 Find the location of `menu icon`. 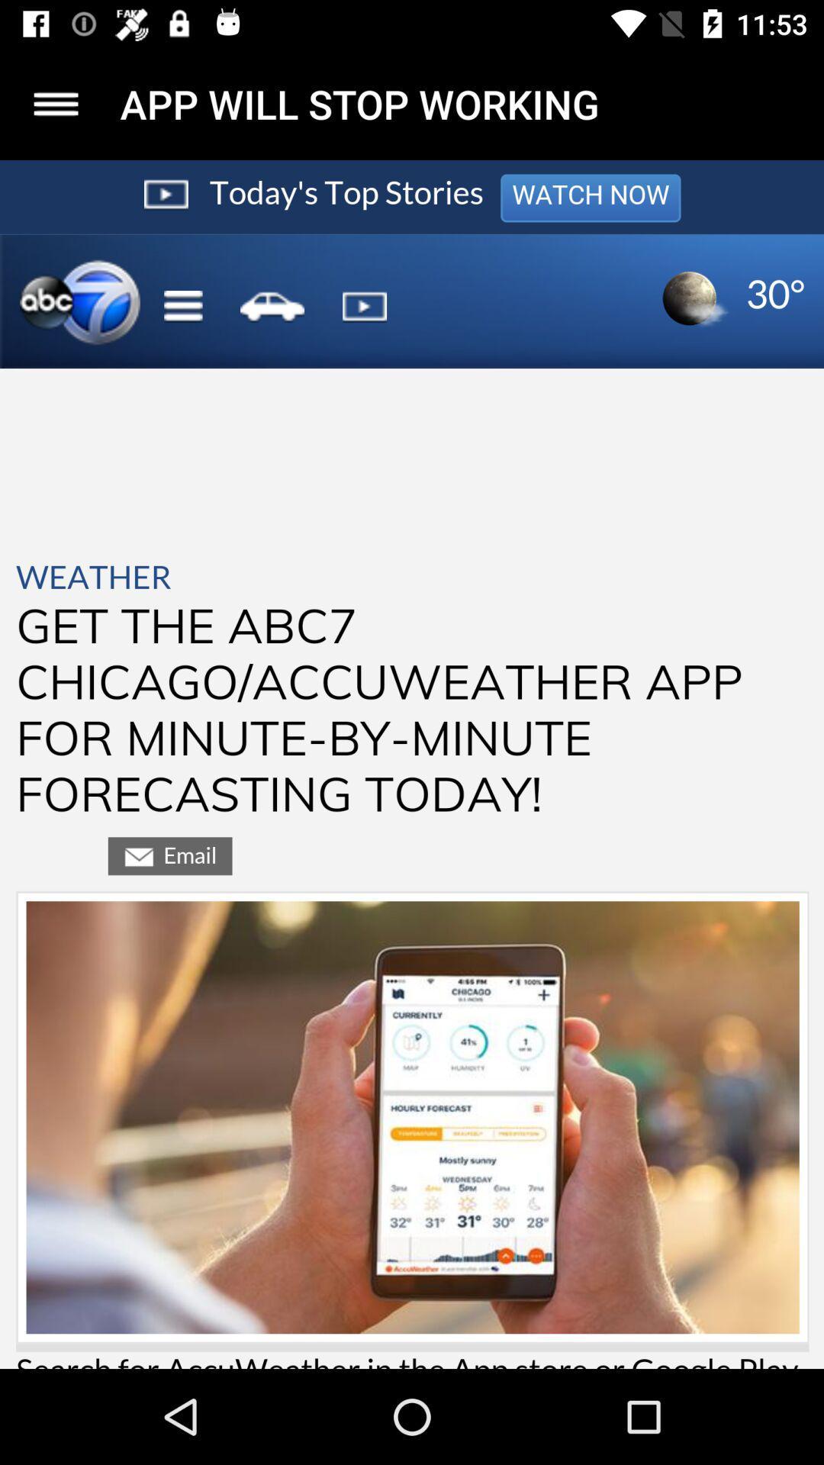

menu icon is located at coordinates (55, 103).